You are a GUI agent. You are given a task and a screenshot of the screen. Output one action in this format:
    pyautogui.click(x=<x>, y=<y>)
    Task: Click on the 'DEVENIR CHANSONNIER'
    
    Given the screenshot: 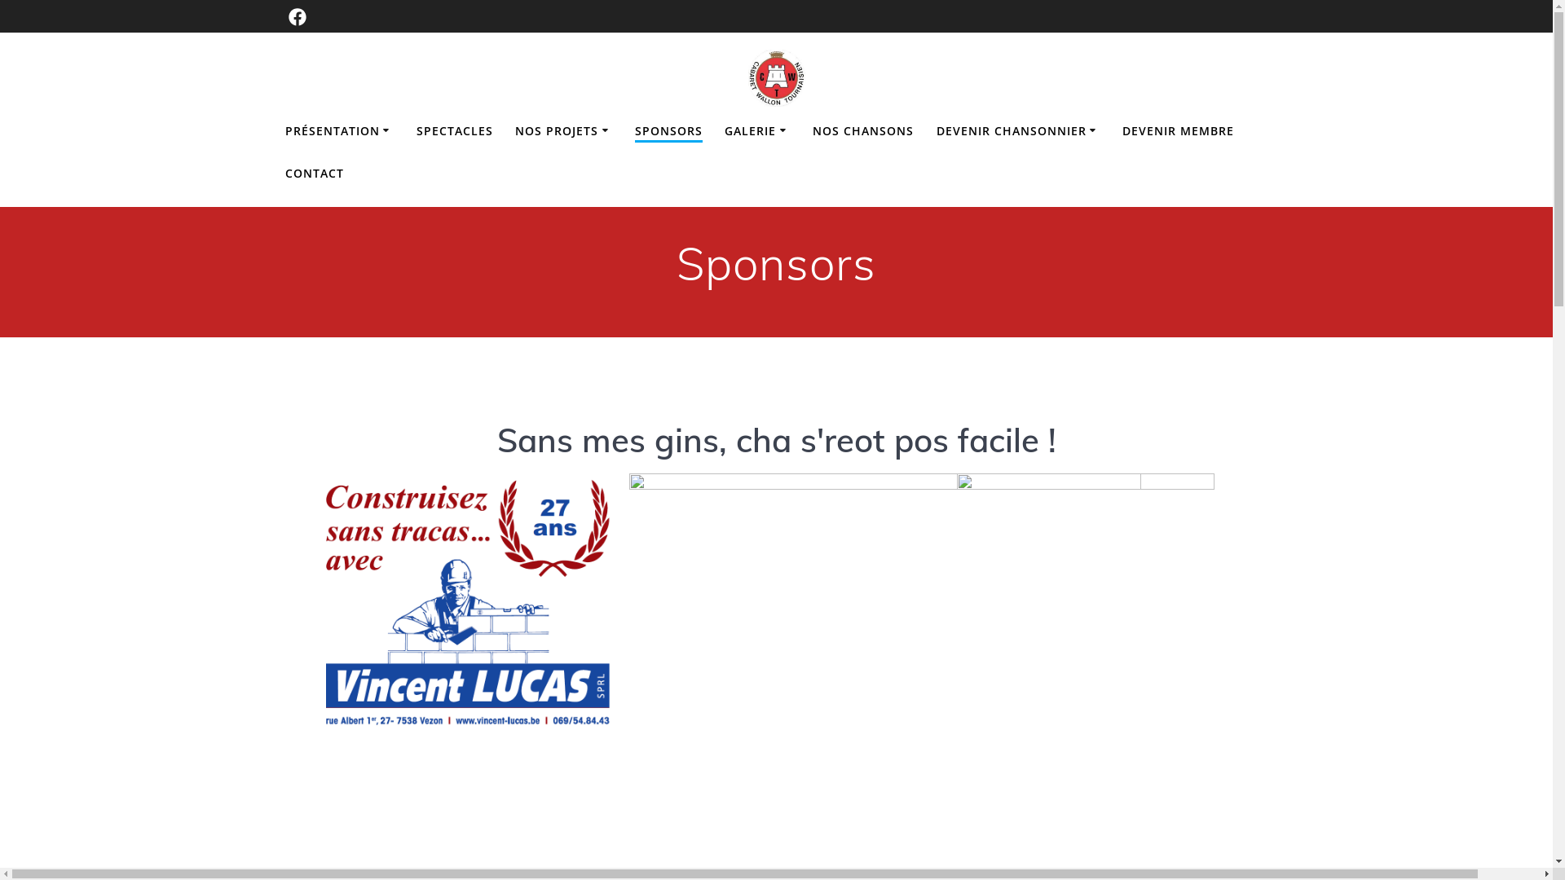 What is the action you would take?
    pyautogui.click(x=1017, y=130)
    